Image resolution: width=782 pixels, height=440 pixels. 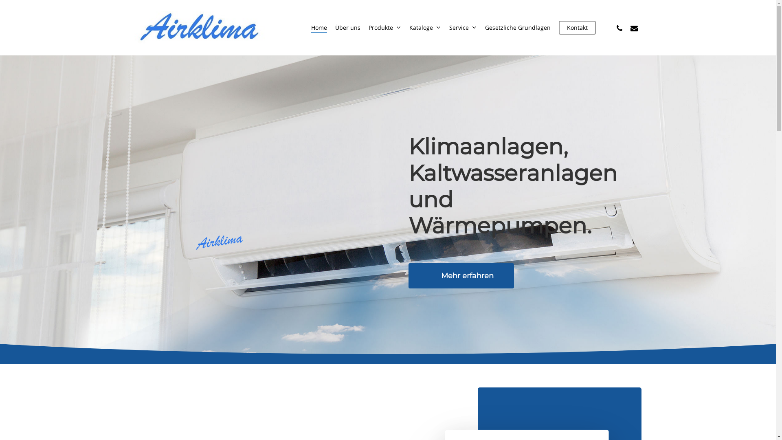 What do you see at coordinates (517, 27) in the screenshot?
I see `'Gesetzliche Grundlagen'` at bounding box center [517, 27].